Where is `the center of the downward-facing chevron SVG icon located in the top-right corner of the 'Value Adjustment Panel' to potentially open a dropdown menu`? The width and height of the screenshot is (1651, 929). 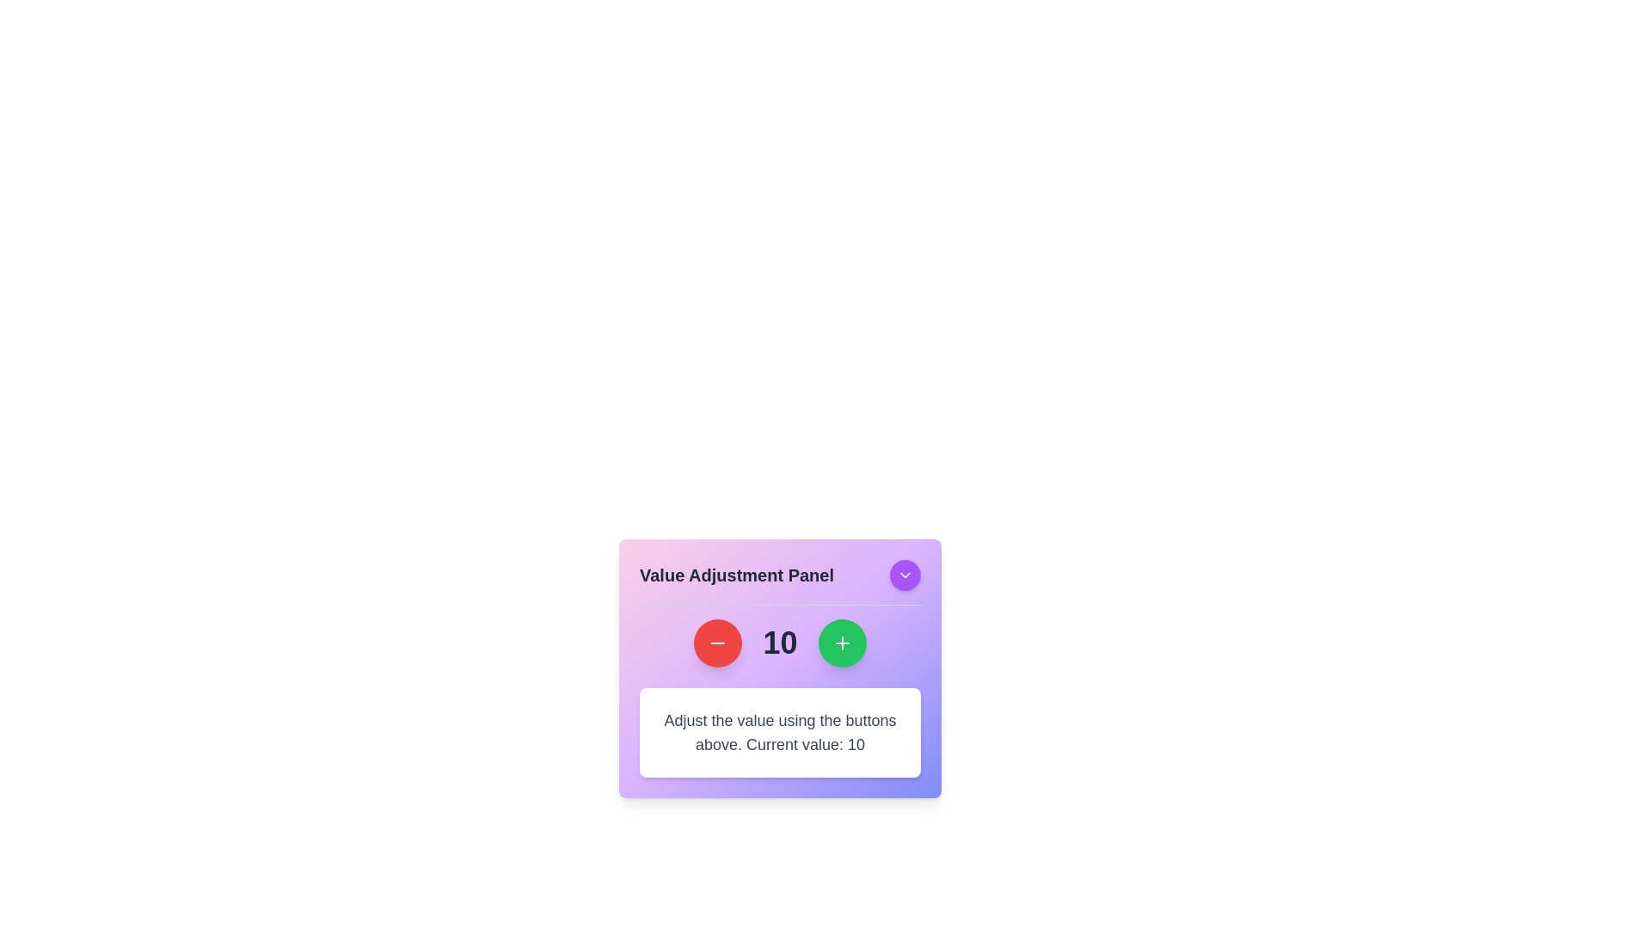
the center of the downward-facing chevron SVG icon located in the top-right corner of the 'Value Adjustment Panel' to potentially open a dropdown menu is located at coordinates (904, 575).